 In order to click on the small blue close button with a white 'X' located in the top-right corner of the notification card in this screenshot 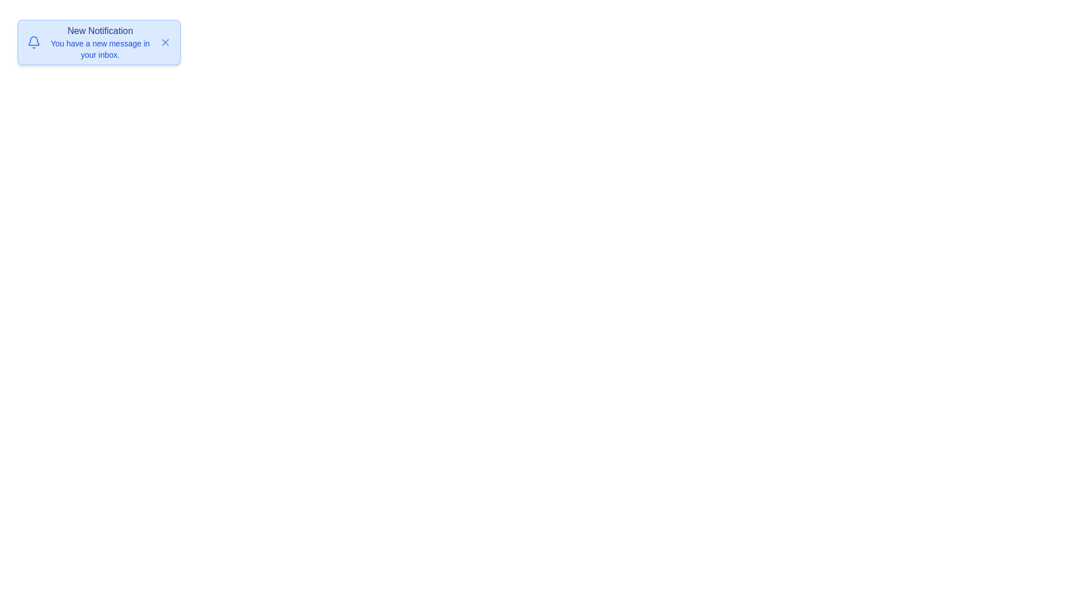, I will do `click(165, 41)`.